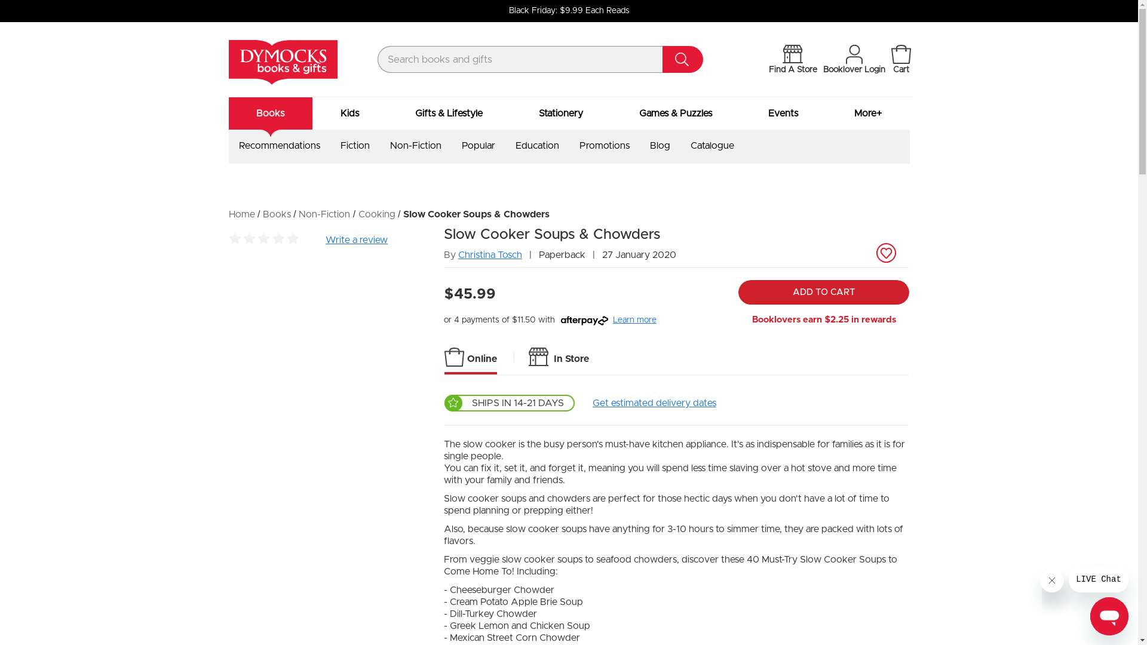 The height and width of the screenshot is (645, 1147). What do you see at coordinates (263, 240) in the screenshot?
I see `'Be the first to review this product'` at bounding box center [263, 240].